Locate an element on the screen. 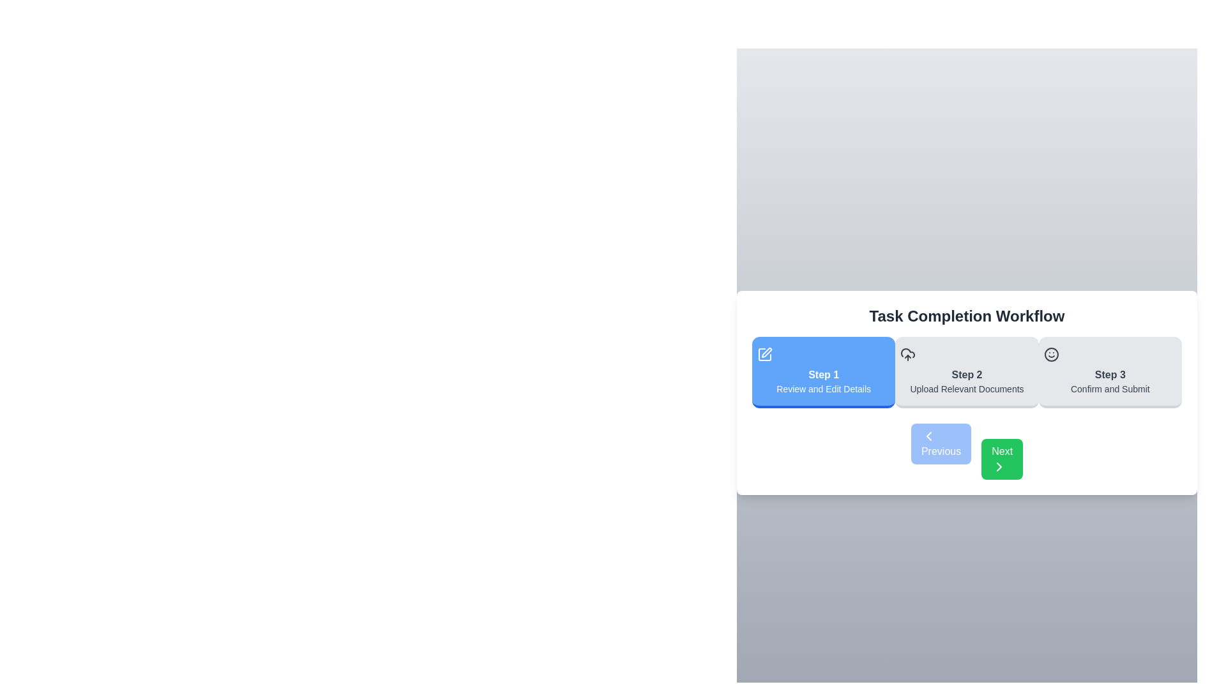 This screenshot has width=1226, height=689. the 'Previous' button to navigate to the previous step is located at coordinates (941, 443).